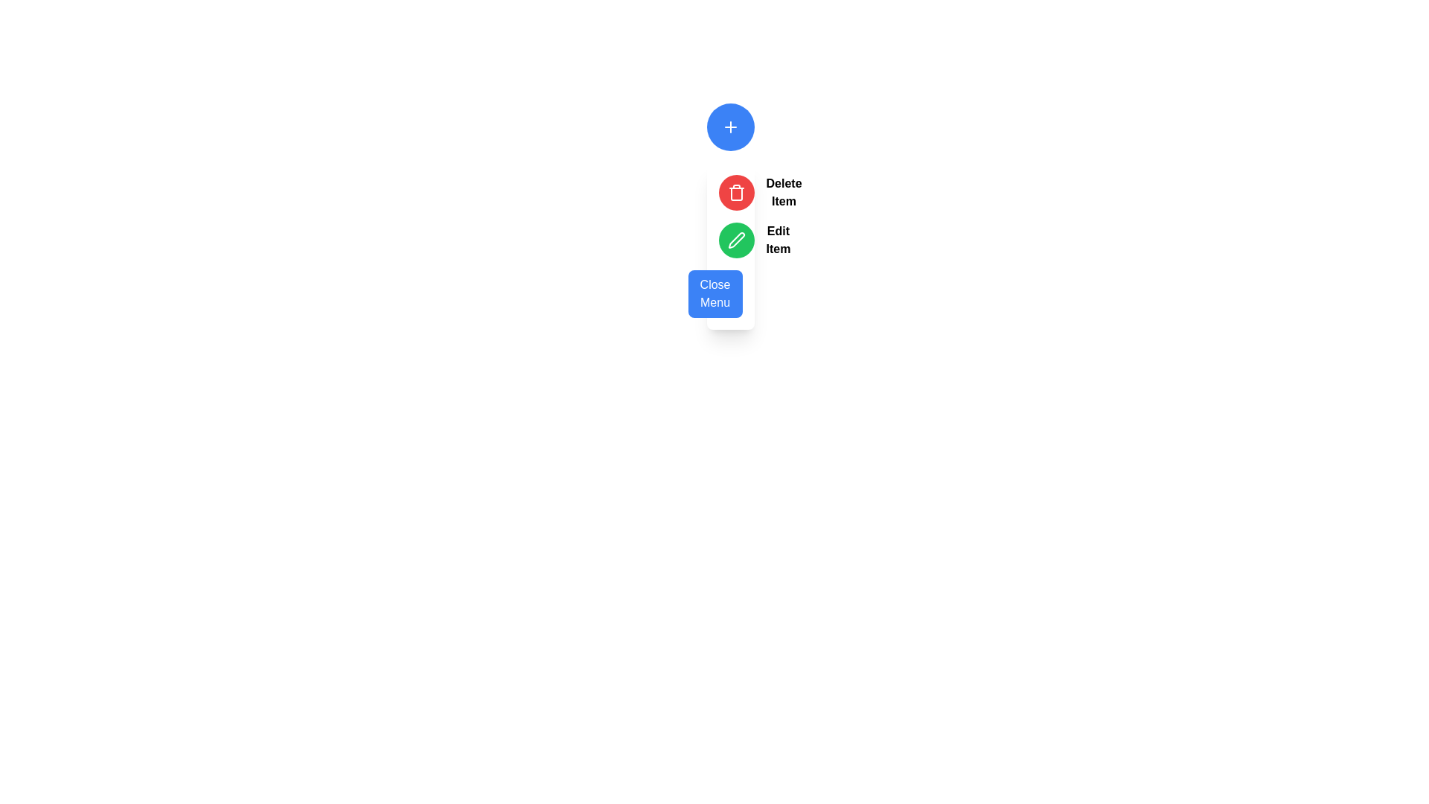  What do you see at coordinates (730, 246) in the screenshot?
I see `the pencil icon in the action menu located below the '+' button and above the 'Close Menu' button to initiate editing` at bounding box center [730, 246].